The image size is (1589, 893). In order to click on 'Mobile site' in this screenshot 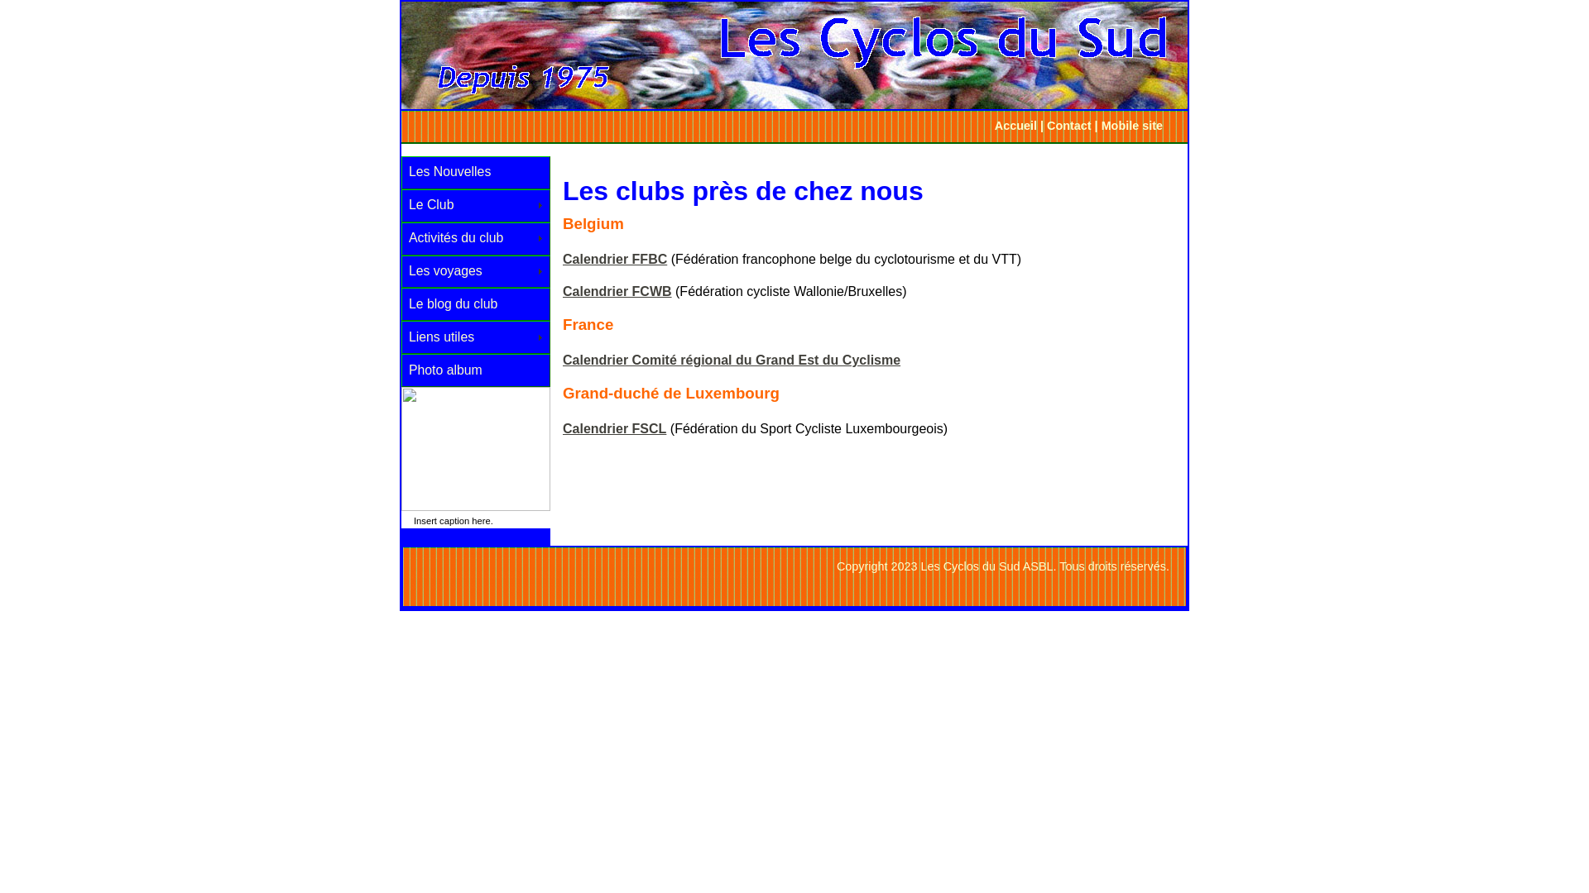, I will do `click(1131, 124)`.